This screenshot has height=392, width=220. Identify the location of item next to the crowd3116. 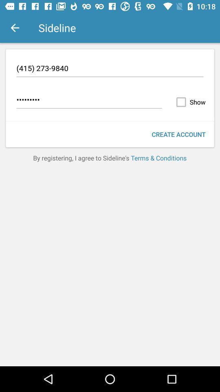
(189, 102).